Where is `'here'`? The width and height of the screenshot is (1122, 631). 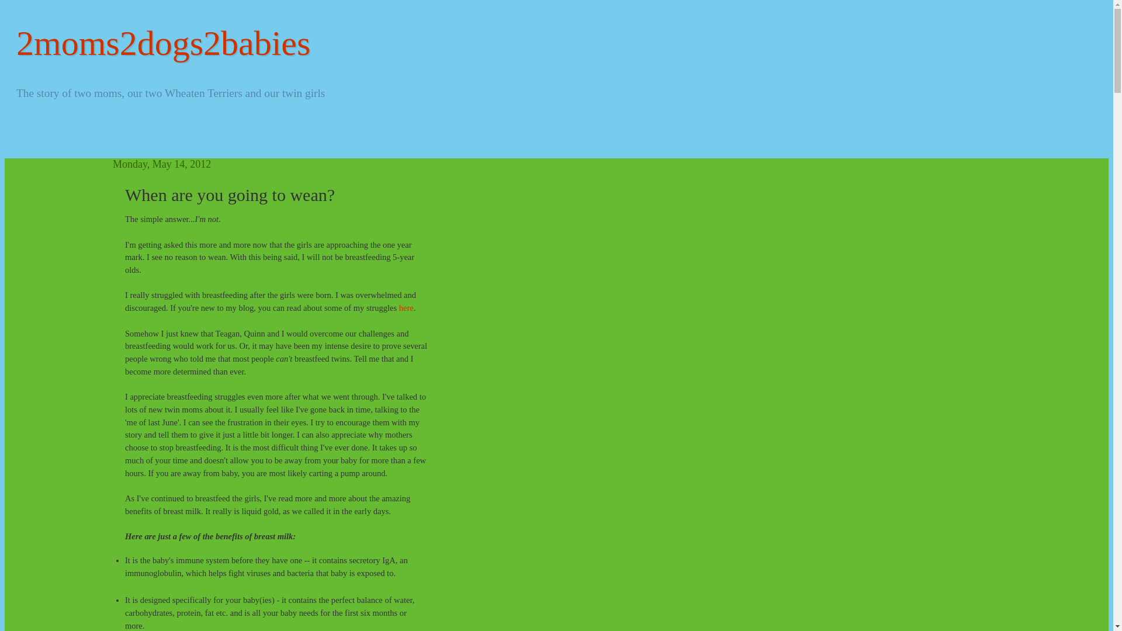
'here' is located at coordinates (406, 307).